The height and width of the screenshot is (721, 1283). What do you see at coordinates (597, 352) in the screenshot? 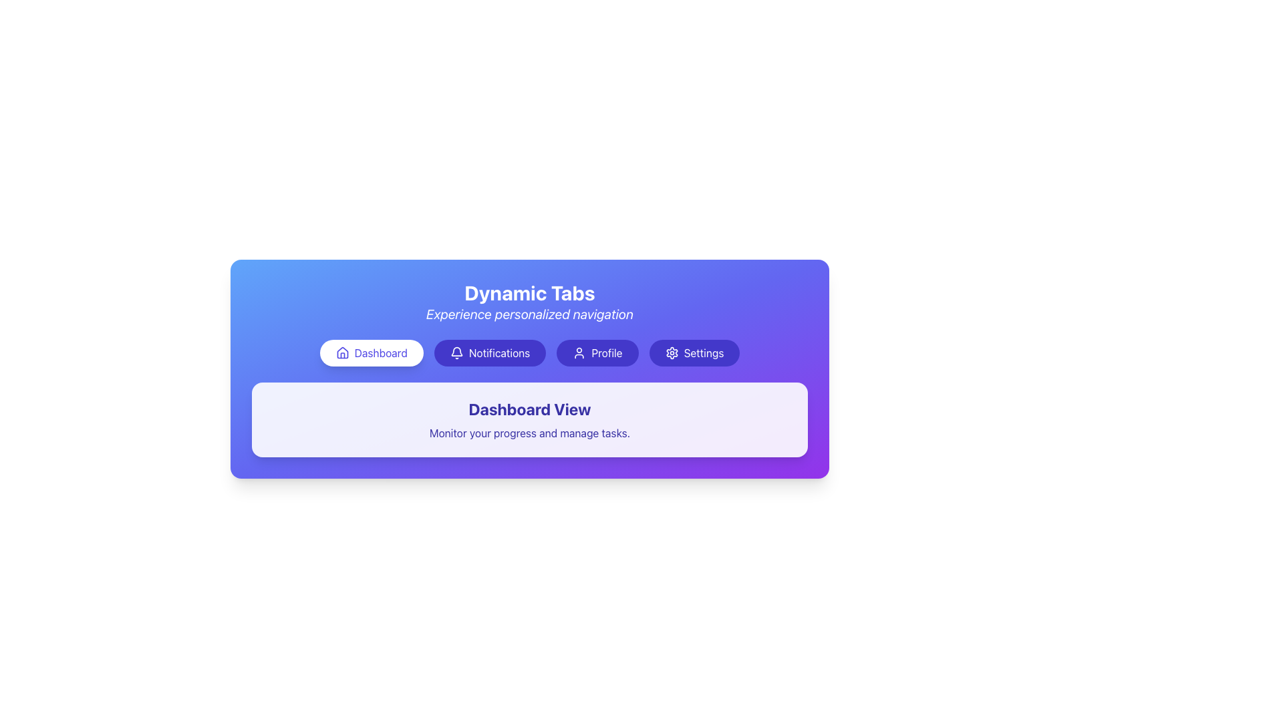
I see `the 'Profile' button, which is a horizontally oriented pill-shaped button with a purple background and user icon on the left, located centrally beneath the title 'Dynamic Tabs'` at bounding box center [597, 352].